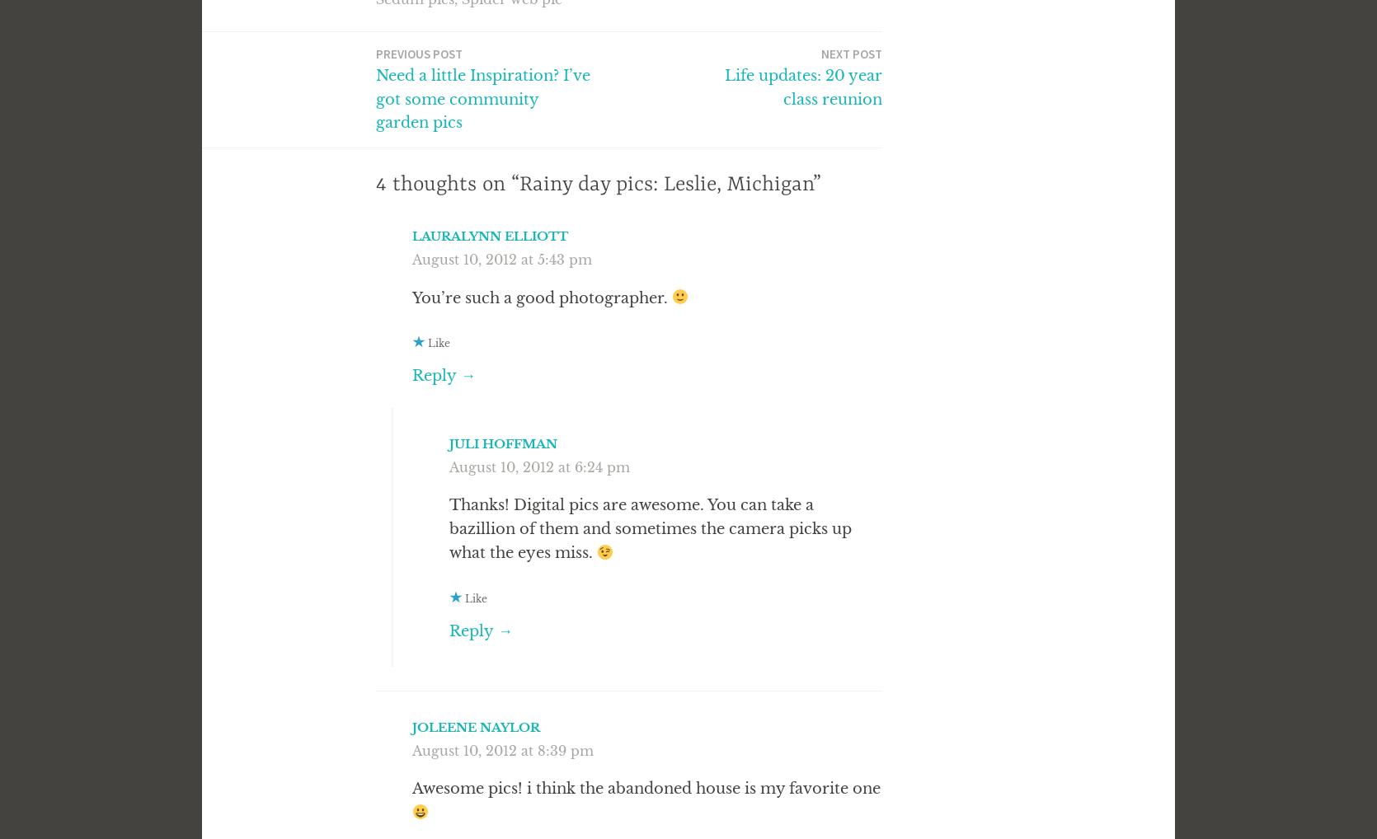 This screenshot has height=839, width=1377. What do you see at coordinates (502, 442) in the screenshot?
I see `'Juli Hoffman'` at bounding box center [502, 442].